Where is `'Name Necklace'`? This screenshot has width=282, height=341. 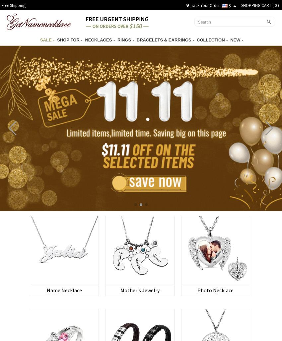
'Name Necklace' is located at coordinates (64, 290).